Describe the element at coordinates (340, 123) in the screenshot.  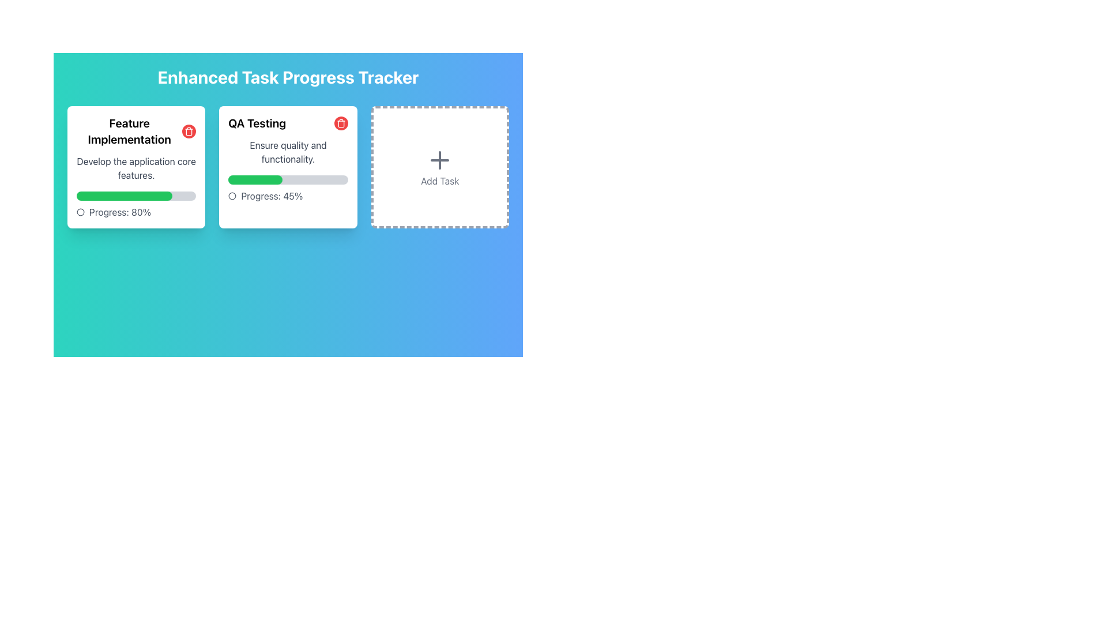
I see `the trash can icon delete button with a red background located in the top-right corner of the 'QA Testing' task card` at that location.